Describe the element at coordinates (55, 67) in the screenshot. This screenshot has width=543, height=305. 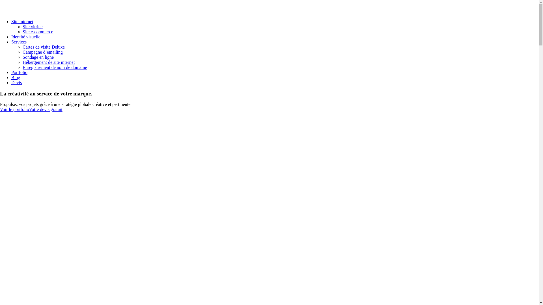
I see `'Enregistrement de nom de domaine'` at that location.